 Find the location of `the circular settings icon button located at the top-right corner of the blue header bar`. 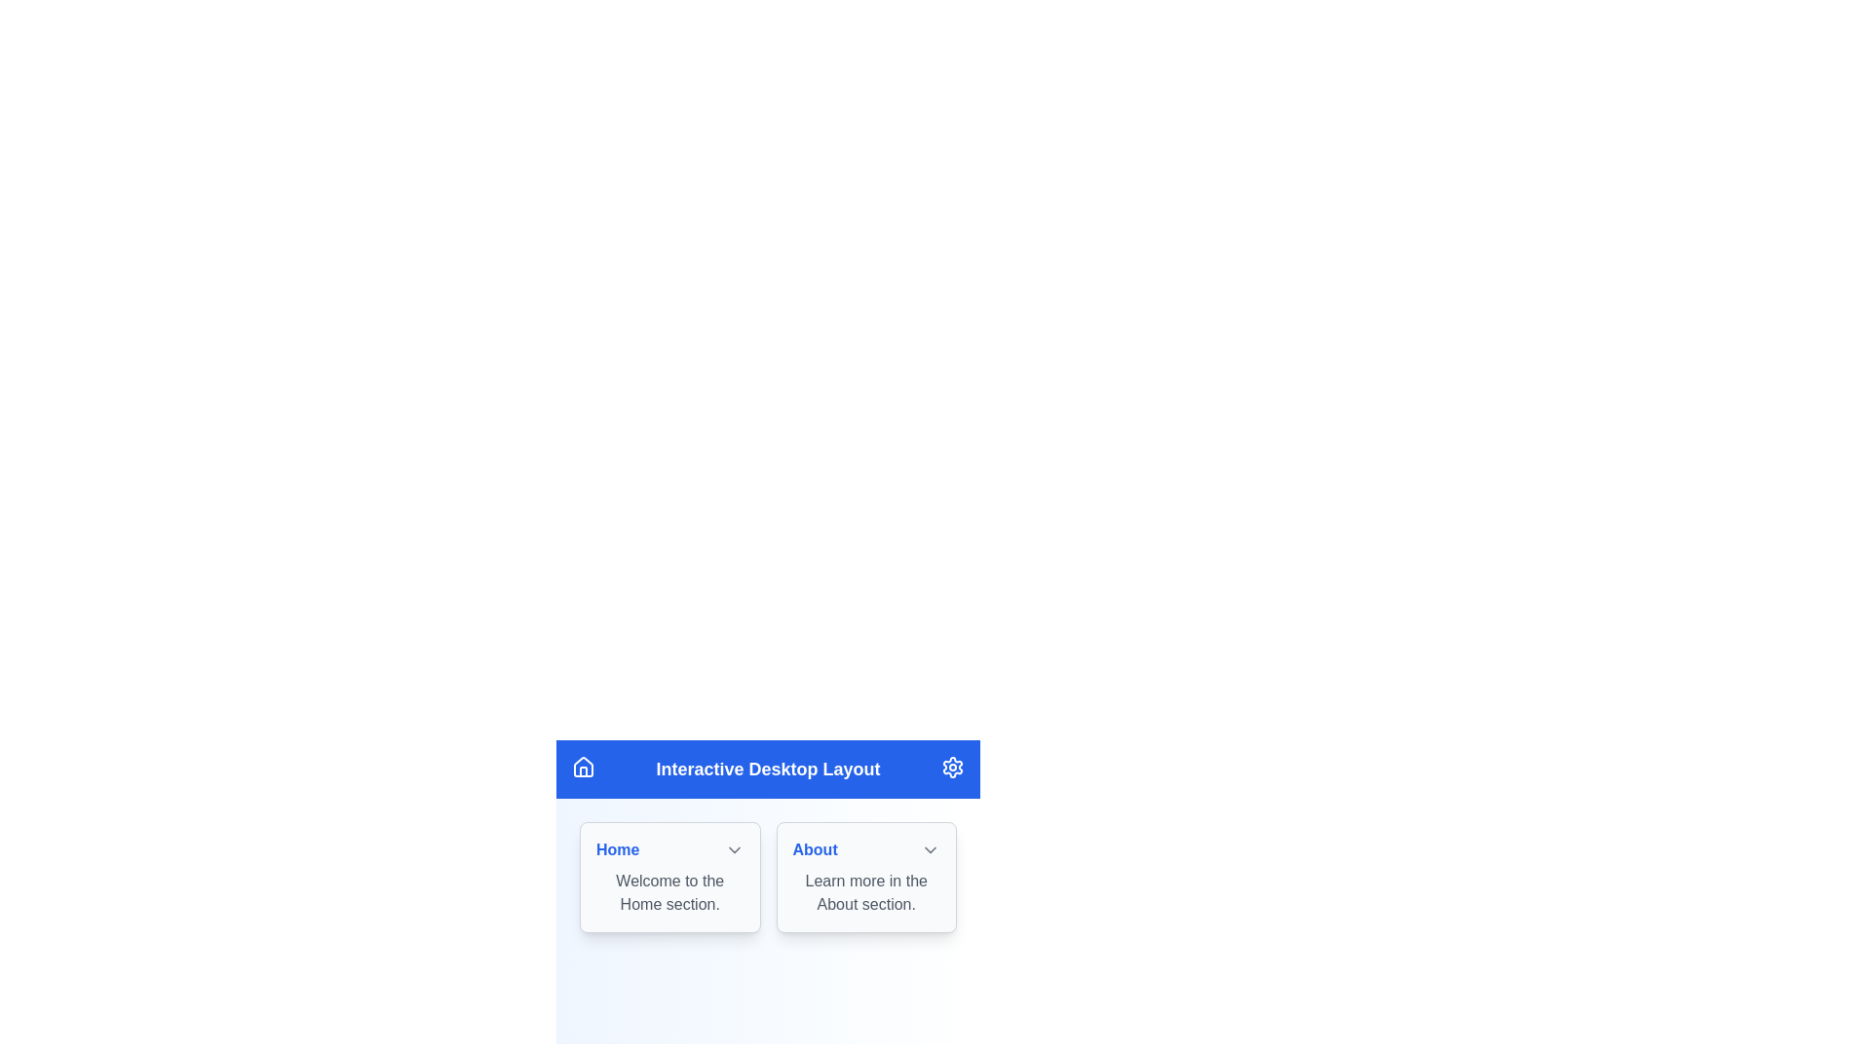

the circular settings icon button located at the top-right corner of the blue header bar is located at coordinates (953, 766).